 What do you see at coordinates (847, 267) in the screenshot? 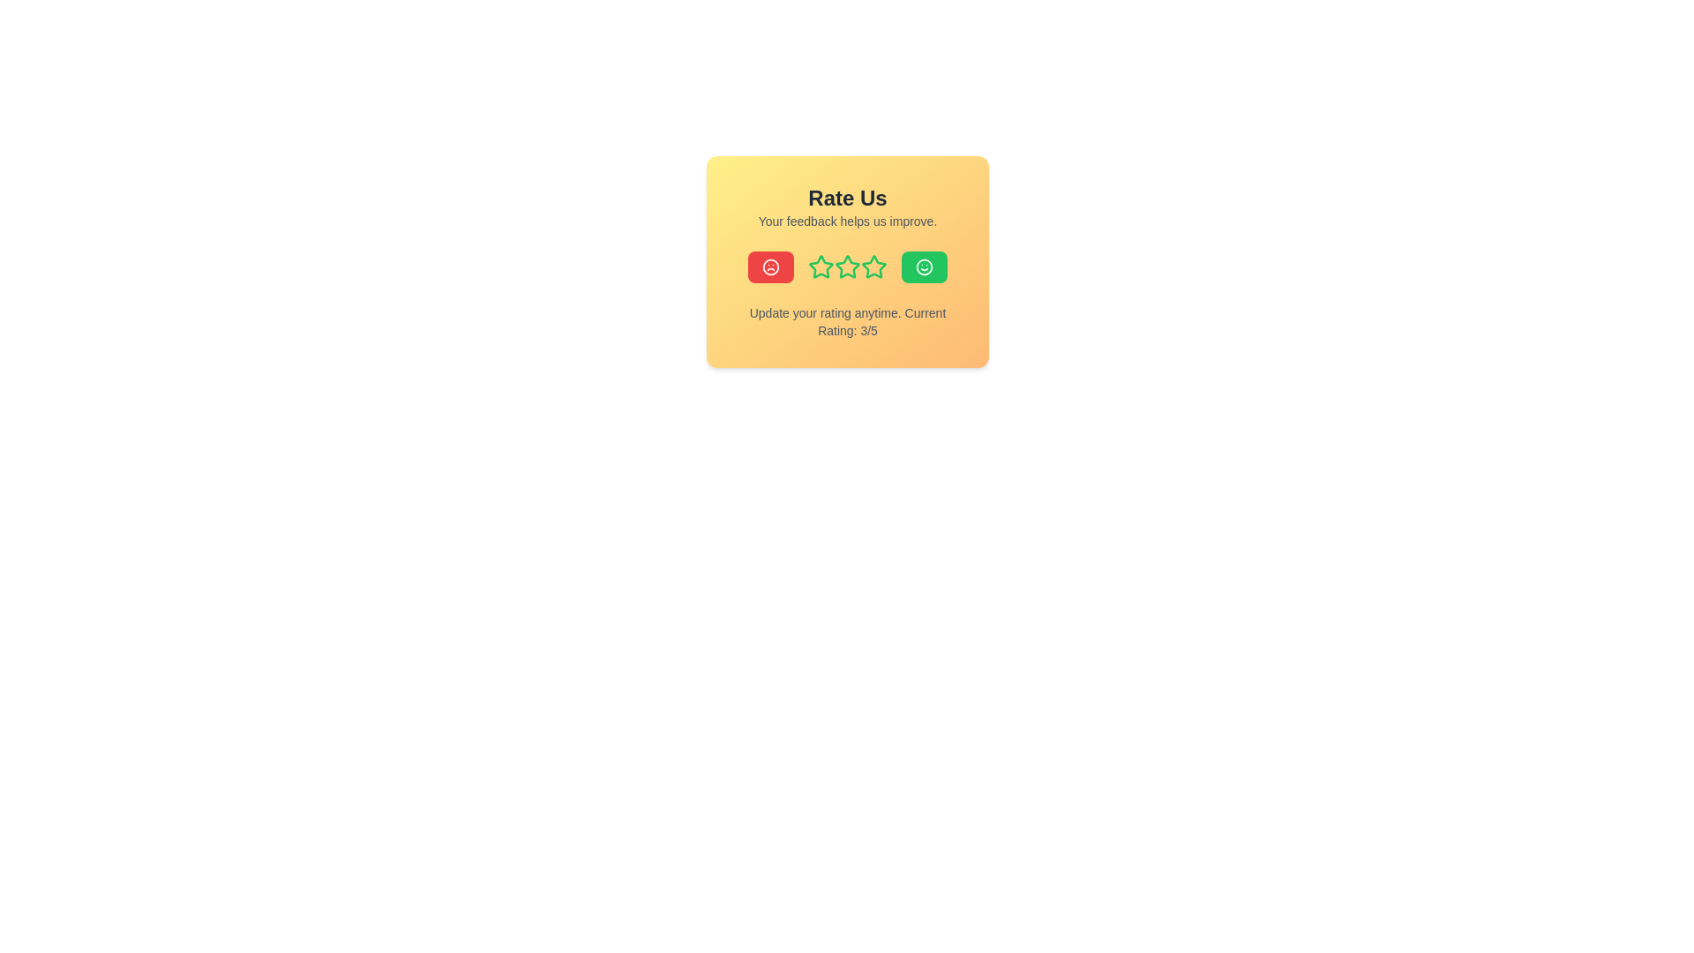
I see `the second star icon in the rating interface` at bounding box center [847, 267].